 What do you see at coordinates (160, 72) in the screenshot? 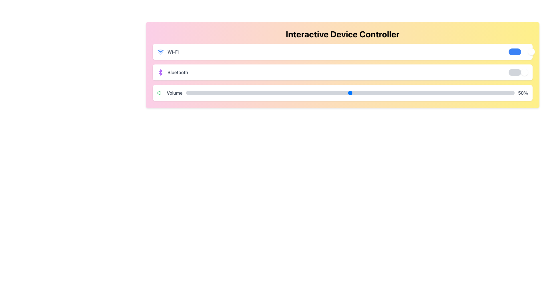
I see `the Bluetooth icon, which is a stylized 'B' formed by two interlocking lines in purple, located in the second row, to the left of the 'Bluetooth' label` at bounding box center [160, 72].